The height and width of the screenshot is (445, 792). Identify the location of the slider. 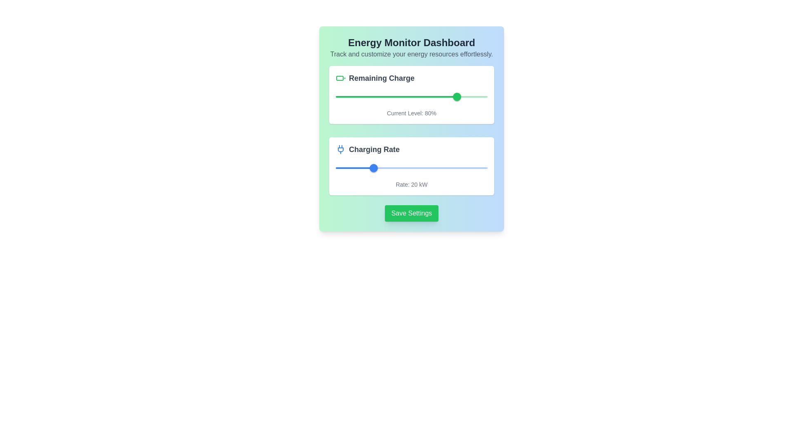
(458, 168).